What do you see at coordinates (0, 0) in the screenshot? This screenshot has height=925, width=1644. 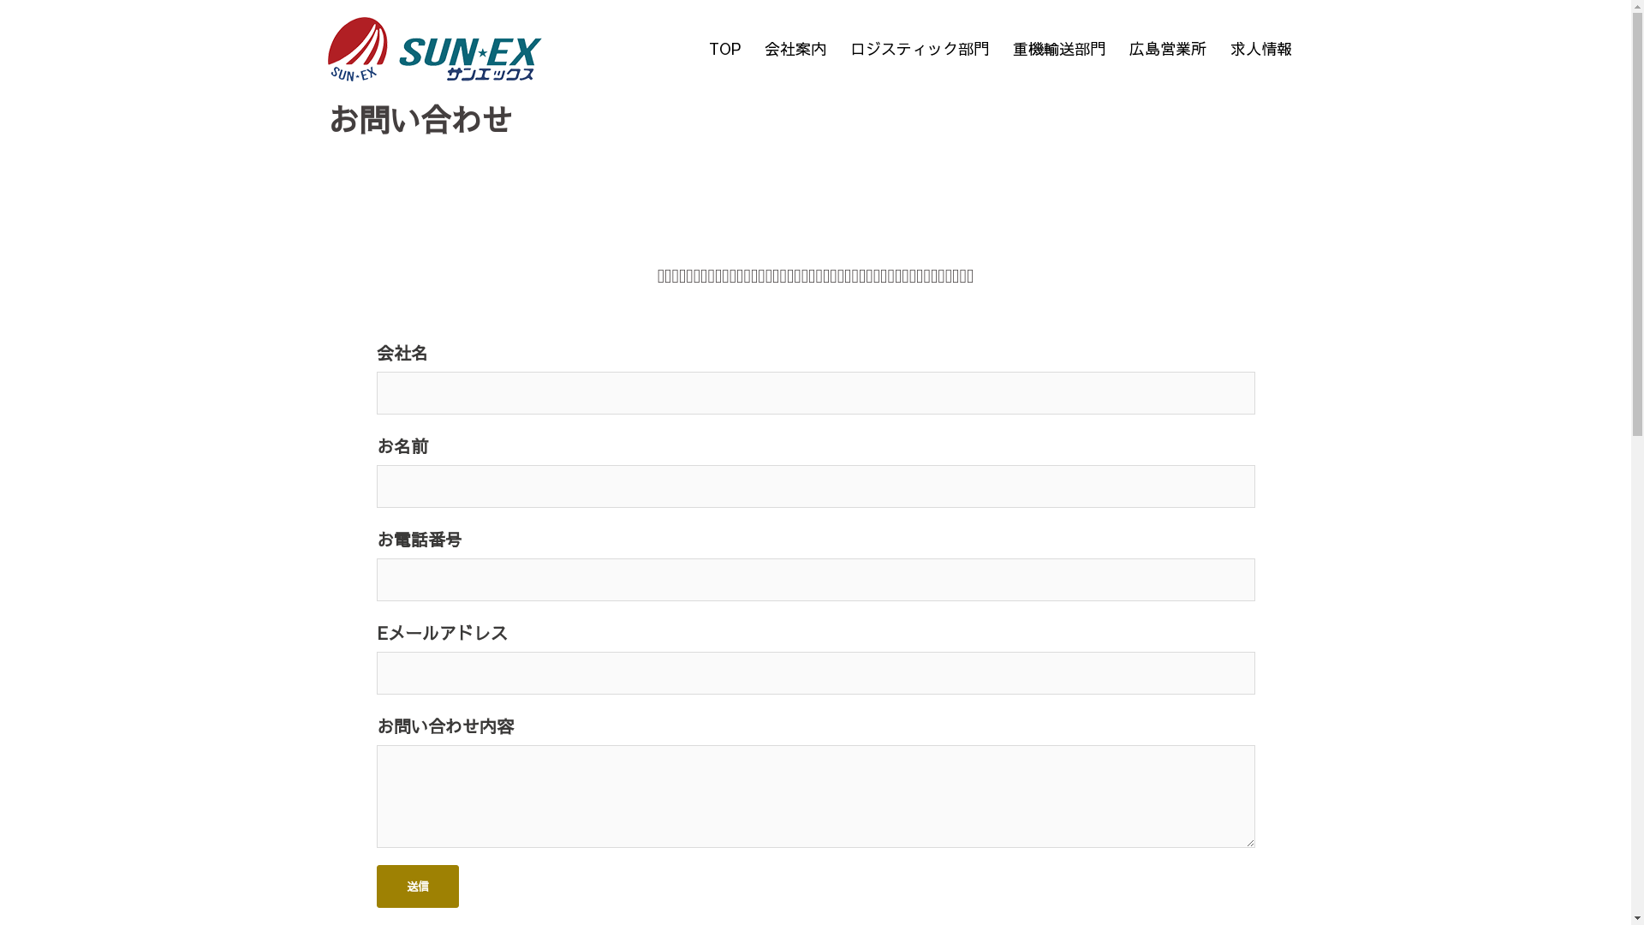 I see `'Skip to content'` at bounding box center [0, 0].